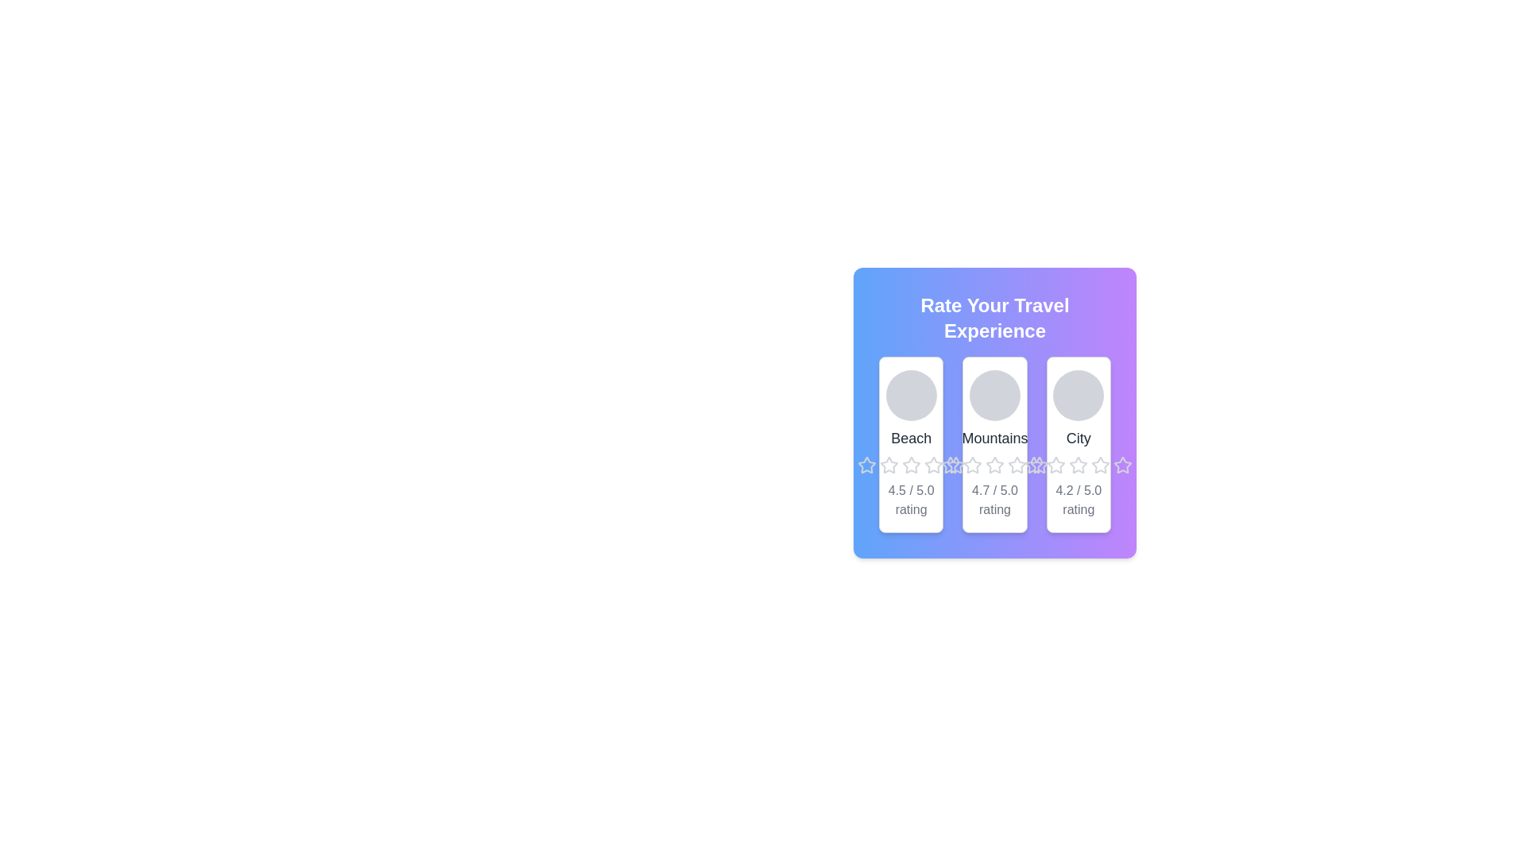 This screenshot has height=858, width=1526. Describe the element at coordinates (994, 444) in the screenshot. I see `the middle card component presenting grouped information, which features a rounded profile image placeholder, the word 'Mountains' in bold text, and a rating of '4.7 / 5.0 rating.'` at that location.